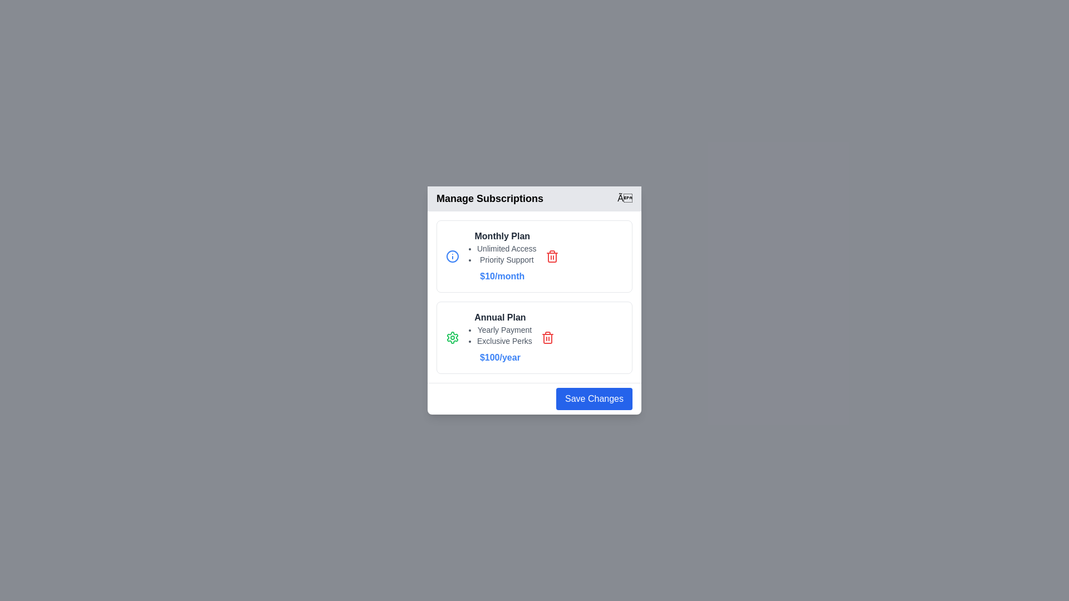 Image resolution: width=1069 pixels, height=601 pixels. I want to click on 'Save Changes' button to save the changes made in the dialog, so click(593, 398).